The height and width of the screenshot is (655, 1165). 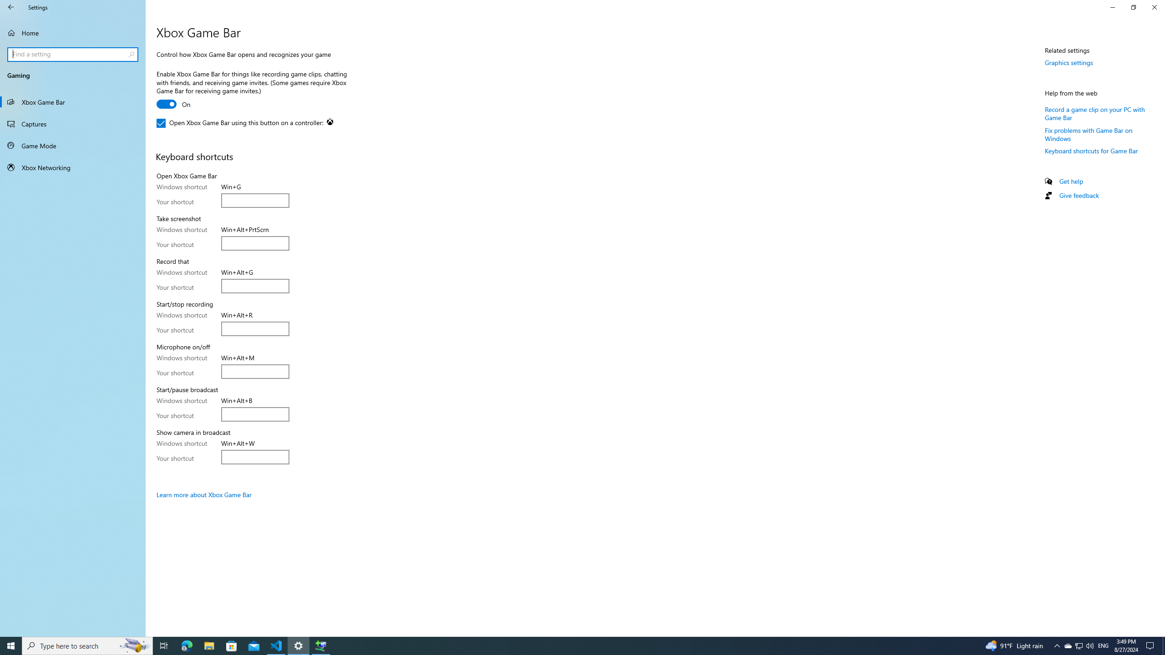 What do you see at coordinates (1112, 7) in the screenshot?
I see `'Minimize Settings'` at bounding box center [1112, 7].